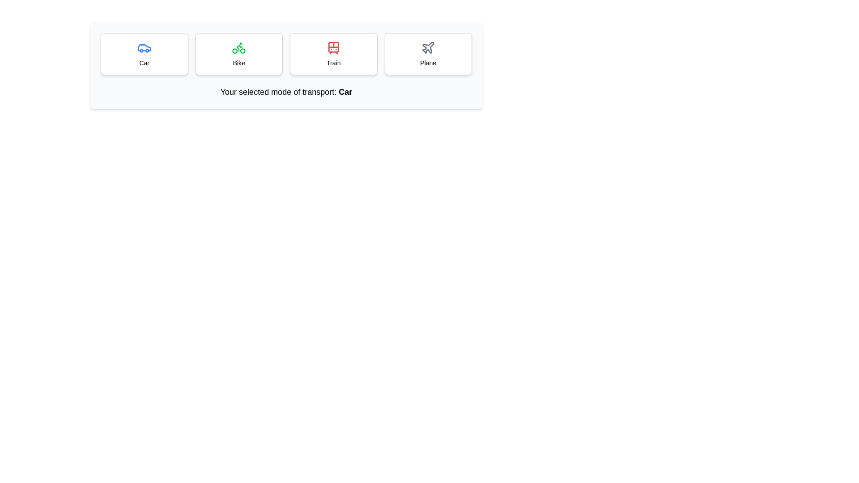 The width and height of the screenshot is (859, 483). I want to click on the vector graphic icon representing a car, which is centrally positioned within its bounding box and is part of a selectable transport options group, so click(144, 48).